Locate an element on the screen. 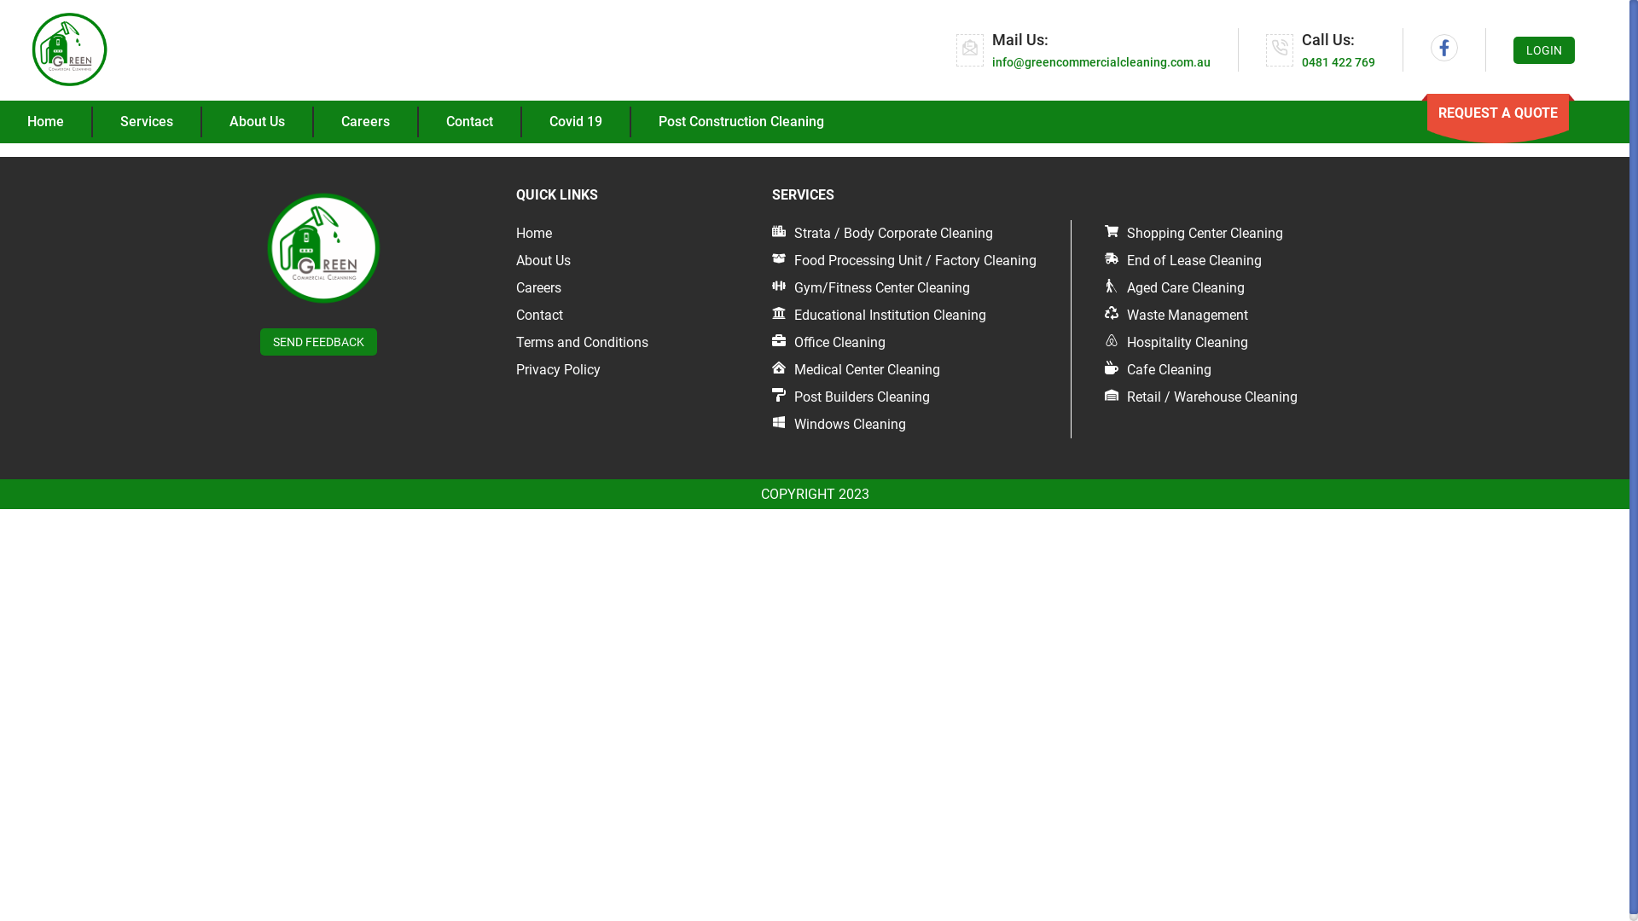  'Terms and Conditions' is located at coordinates (582, 342).